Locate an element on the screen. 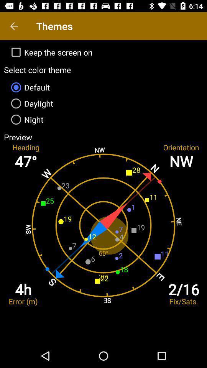  the default is located at coordinates (103, 87).